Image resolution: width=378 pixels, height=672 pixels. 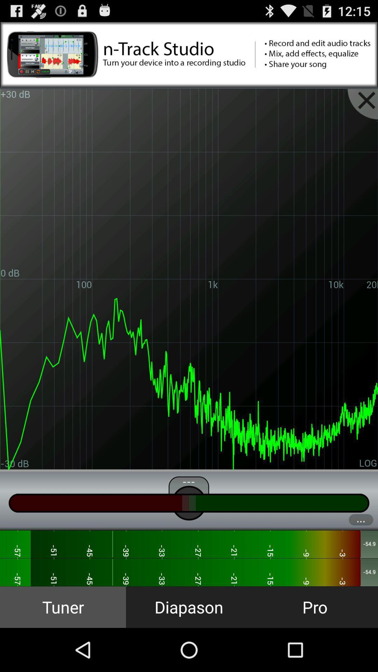 I want to click on advertisements banner, so click(x=189, y=54).